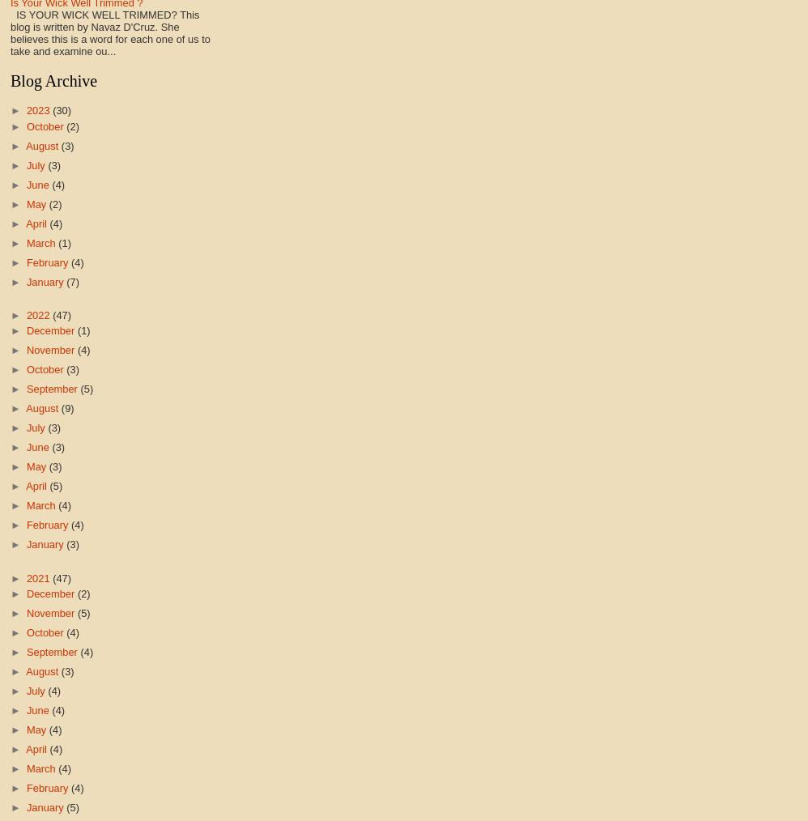 This screenshot has width=808, height=821. I want to click on 'IS YOUR WICK WELL TRIMMED? This blog is written by Navaz D'Cruz. She believes this is a word for each one of us to take and examine ou...', so click(110, 32).